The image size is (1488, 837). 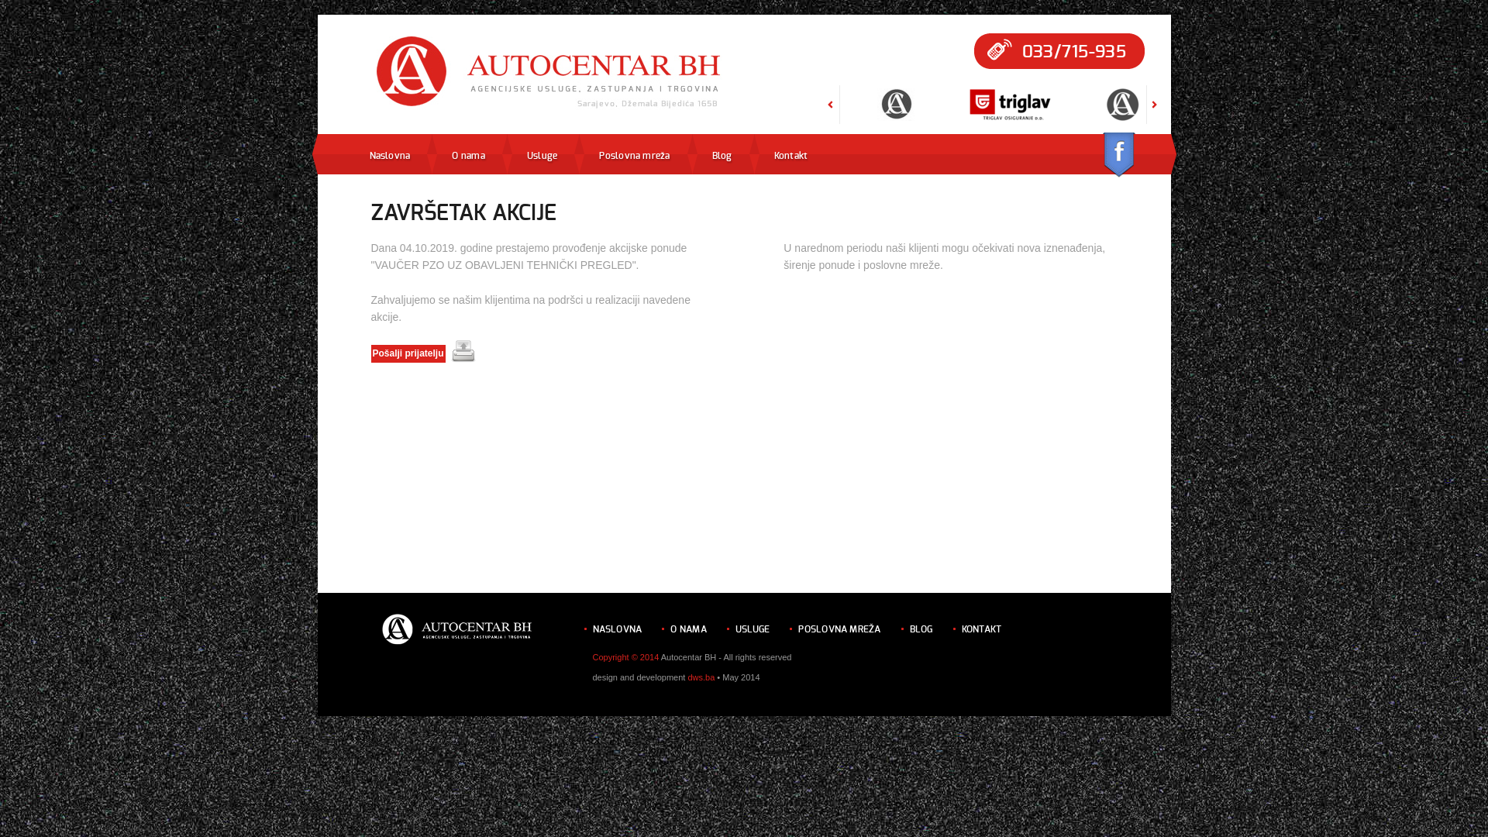 What do you see at coordinates (591, 629) in the screenshot?
I see `'NASLOVNA'` at bounding box center [591, 629].